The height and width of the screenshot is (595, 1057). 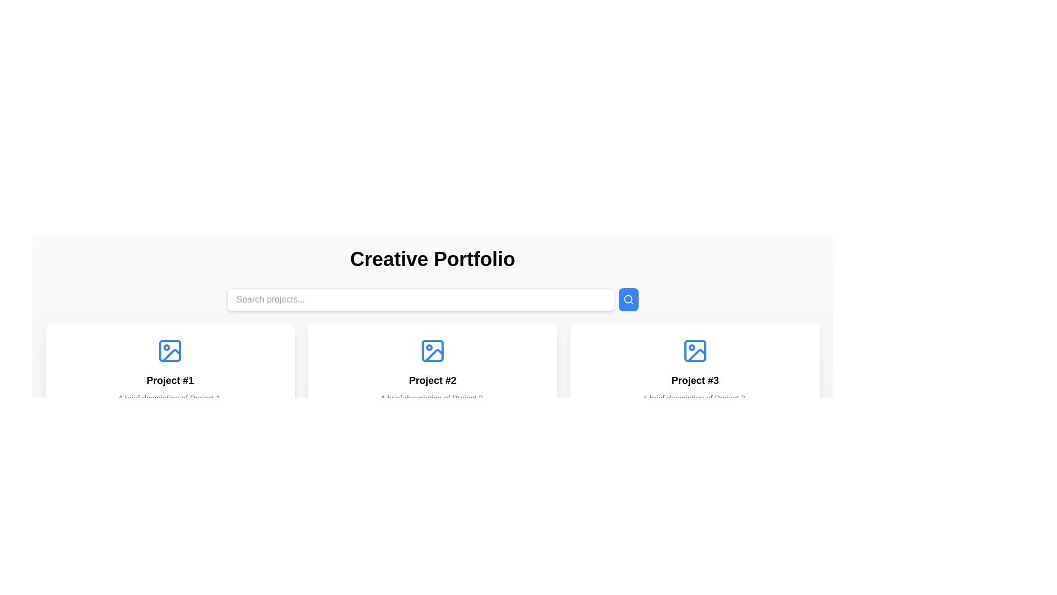 I want to click on the blue icon resembling an image placeholder located at the top of the 'Project #1' card, so click(x=170, y=350).